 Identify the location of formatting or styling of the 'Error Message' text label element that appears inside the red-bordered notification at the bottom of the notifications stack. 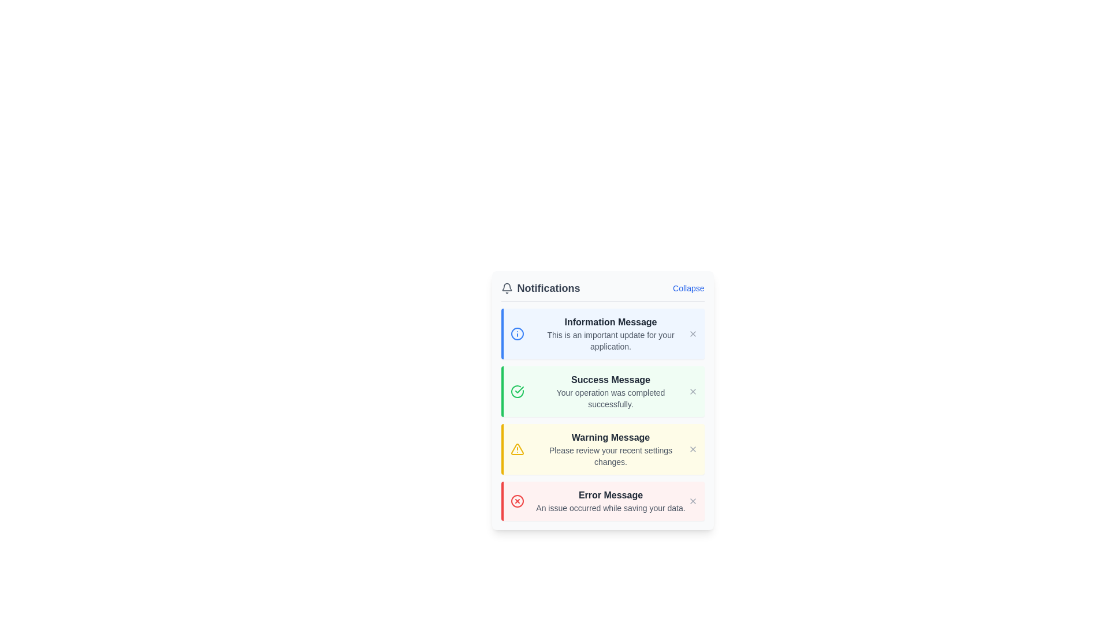
(610, 500).